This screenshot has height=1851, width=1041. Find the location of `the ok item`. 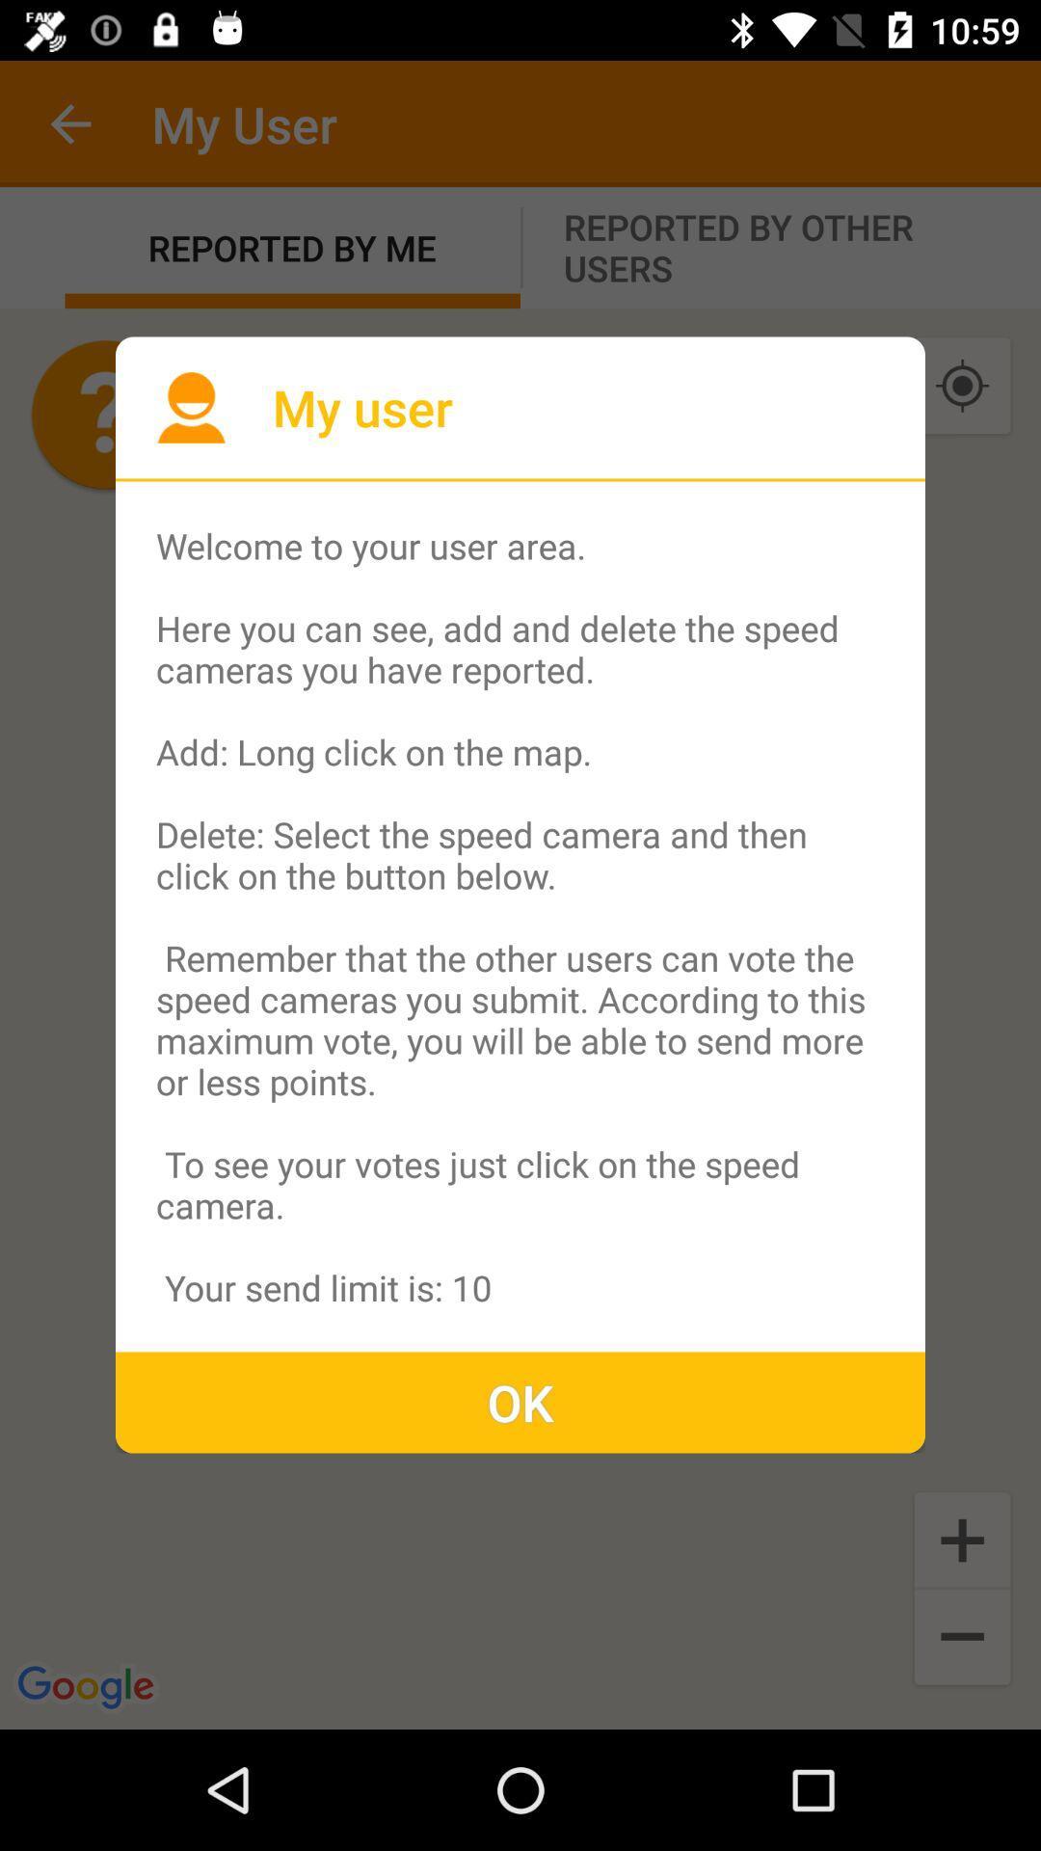

the ok item is located at coordinates (520, 1402).